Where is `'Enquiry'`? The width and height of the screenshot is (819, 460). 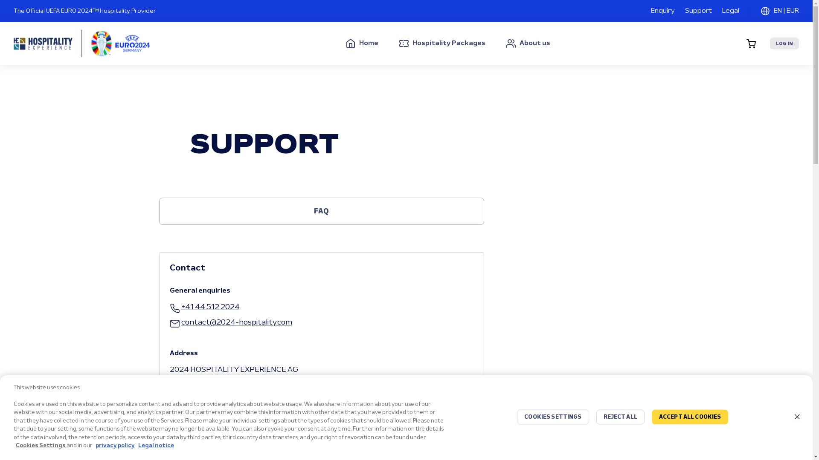
'Enquiry' is located at coordinates (662, 11).